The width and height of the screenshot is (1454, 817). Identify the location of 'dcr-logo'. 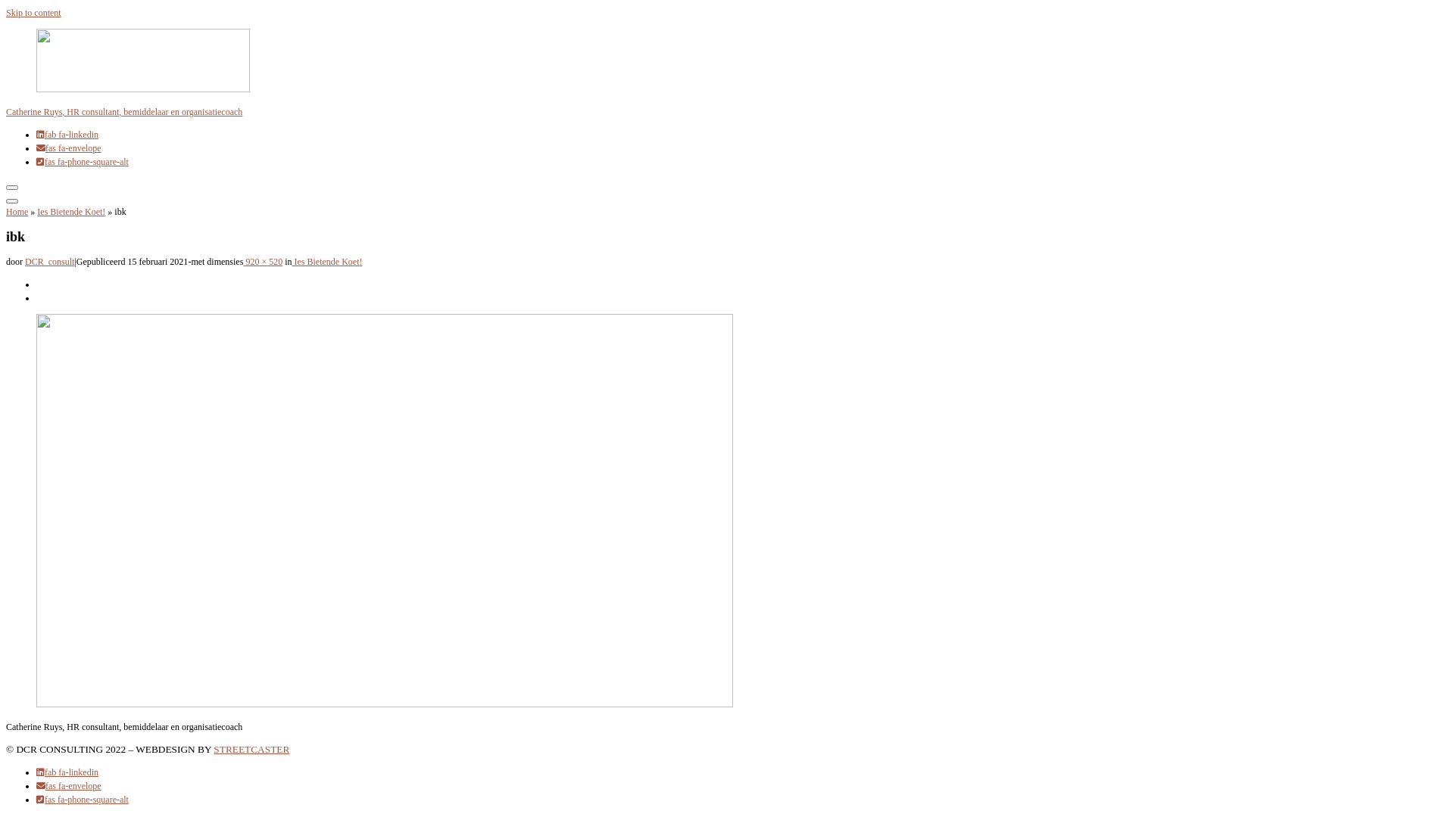
(727, 61).